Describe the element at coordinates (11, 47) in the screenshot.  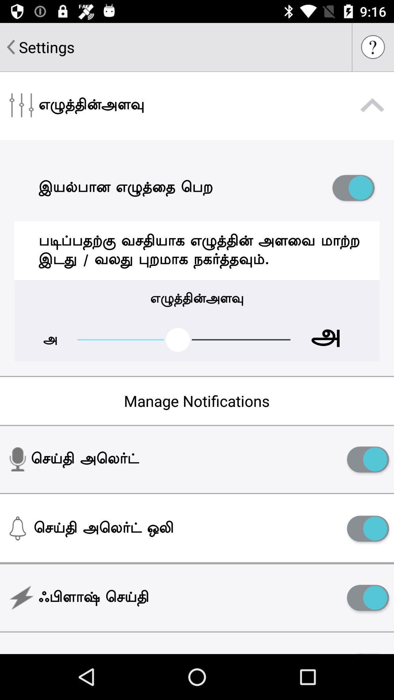
I see `item to the left of settings item` at that location.